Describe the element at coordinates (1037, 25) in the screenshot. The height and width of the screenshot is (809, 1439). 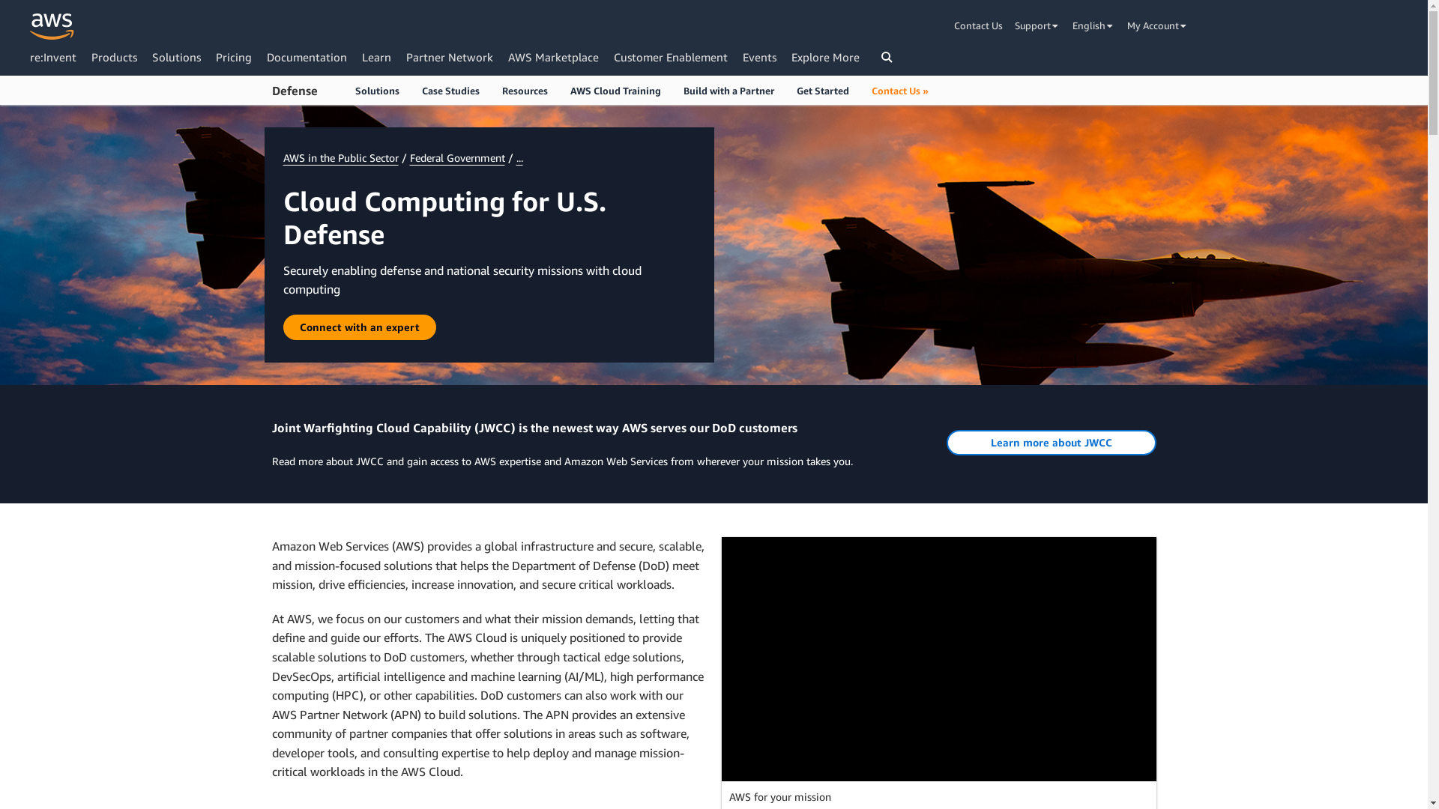
I see `'Support '` at that location.